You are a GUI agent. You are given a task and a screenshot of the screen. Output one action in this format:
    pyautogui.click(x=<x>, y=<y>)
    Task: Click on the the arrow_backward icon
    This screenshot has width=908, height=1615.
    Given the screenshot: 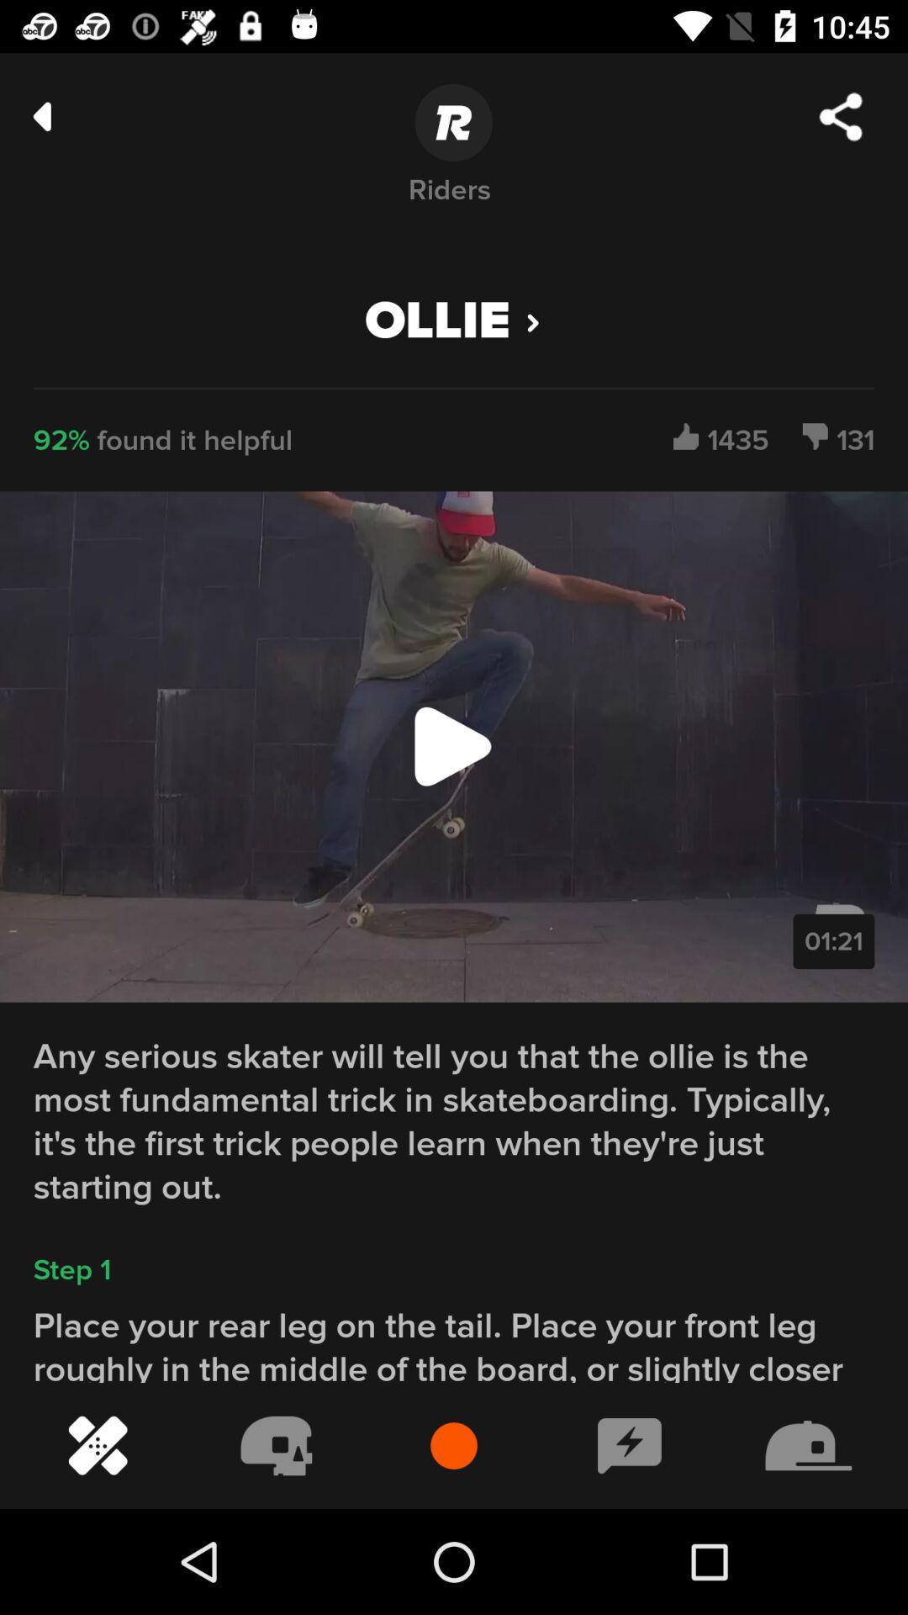 What is the action you would take?
    pyautogui.click(x=41, y=115)
    